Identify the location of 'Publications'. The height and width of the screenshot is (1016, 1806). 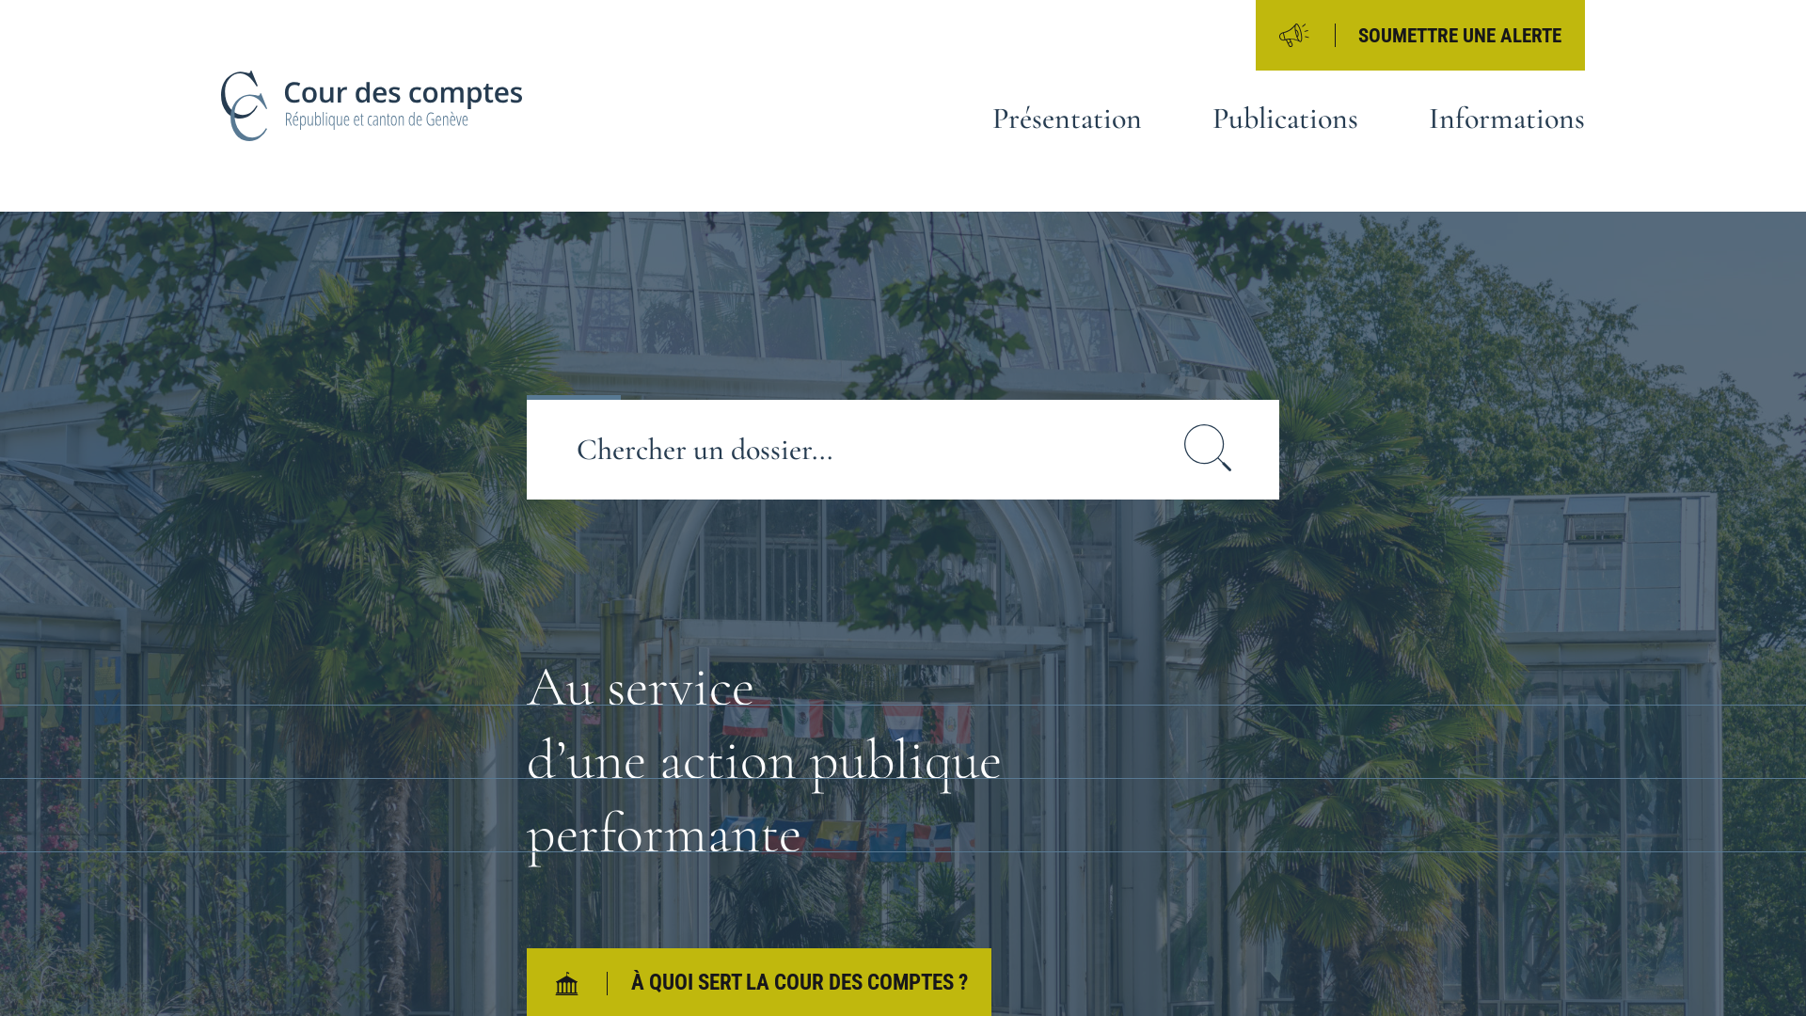
(1212, 118).